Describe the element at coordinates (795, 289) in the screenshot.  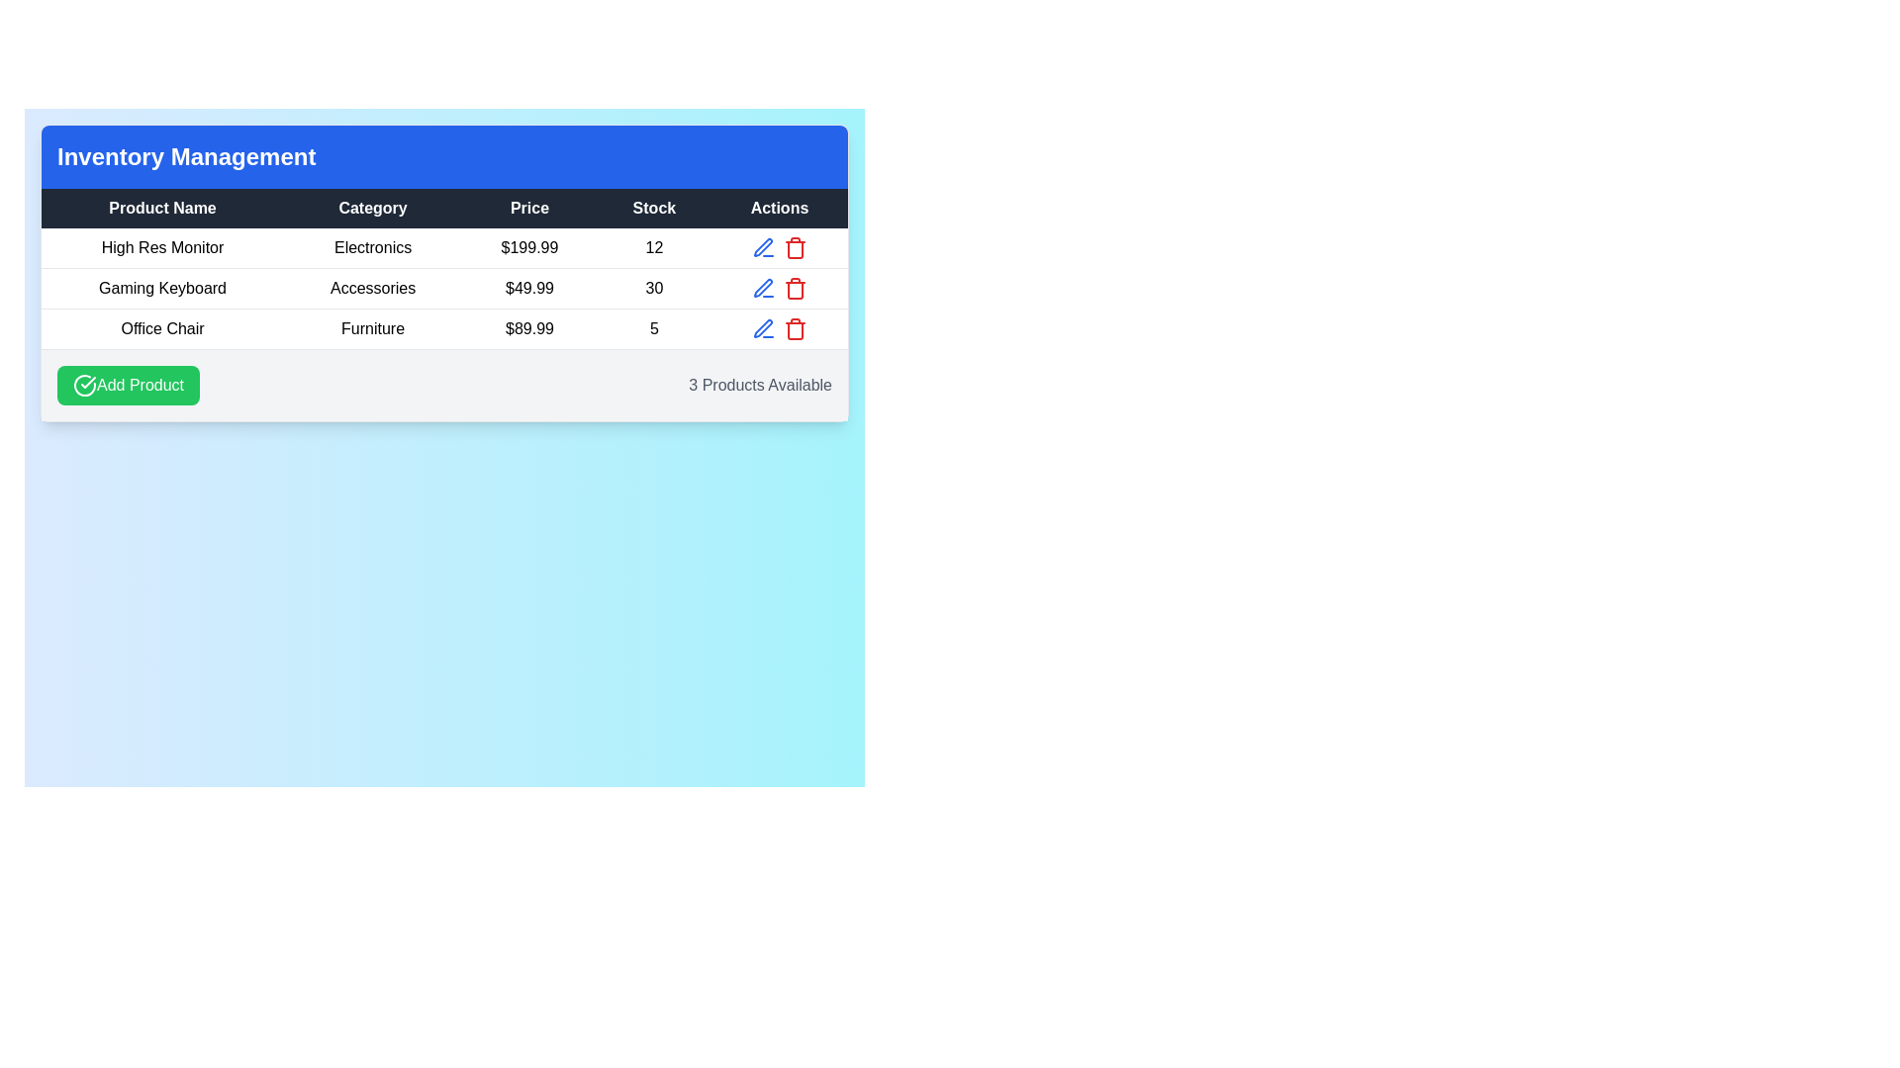
I see `the delete button (trash bin icon) in the second row of the table for the product 'Gaming Keyboard'` at that location.